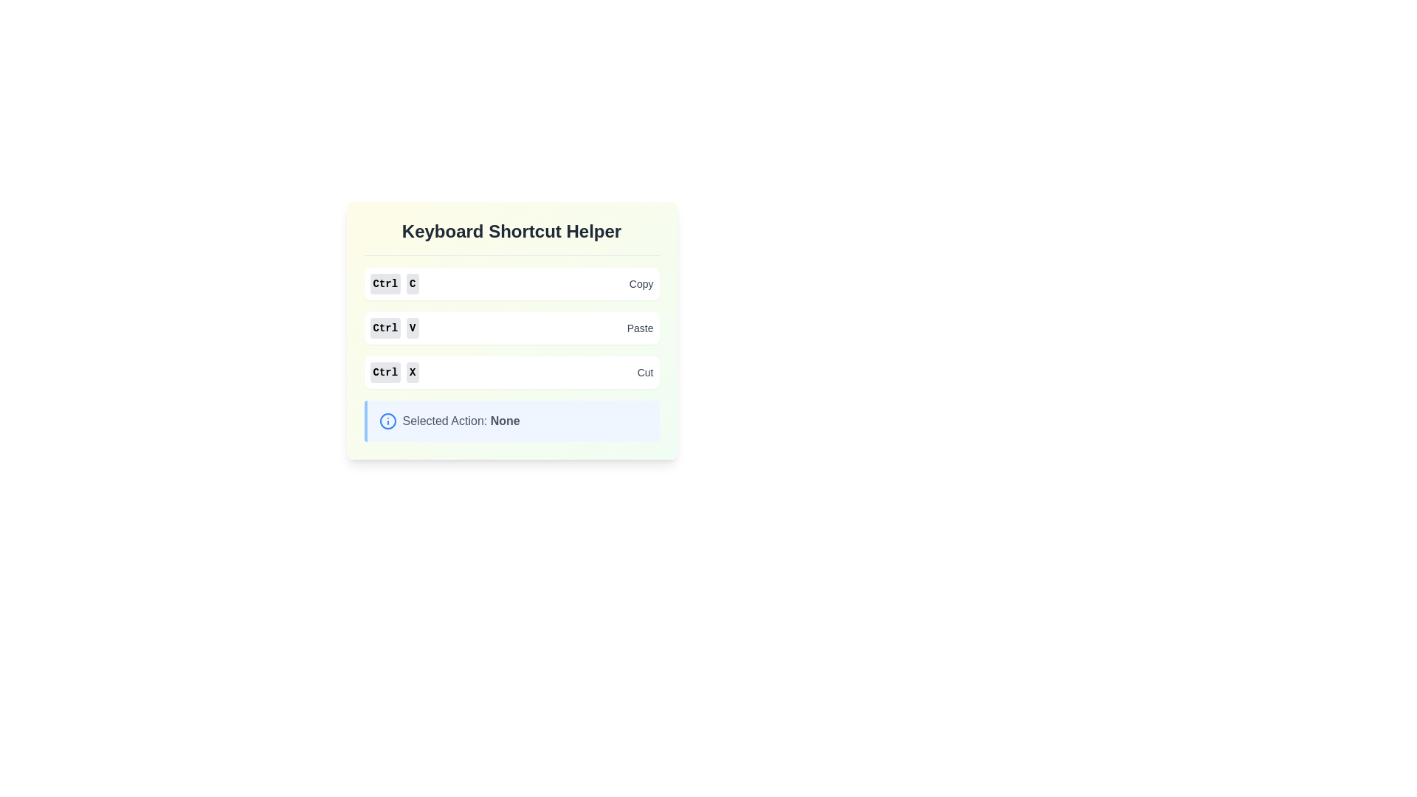  I want to click on the 'Ctrl C' label in the 'Keyboard Shortcut Helper' box, which is styled with a small font and rounded background, located in the topmost row preceding the text 'Copy', so click(394, 284).